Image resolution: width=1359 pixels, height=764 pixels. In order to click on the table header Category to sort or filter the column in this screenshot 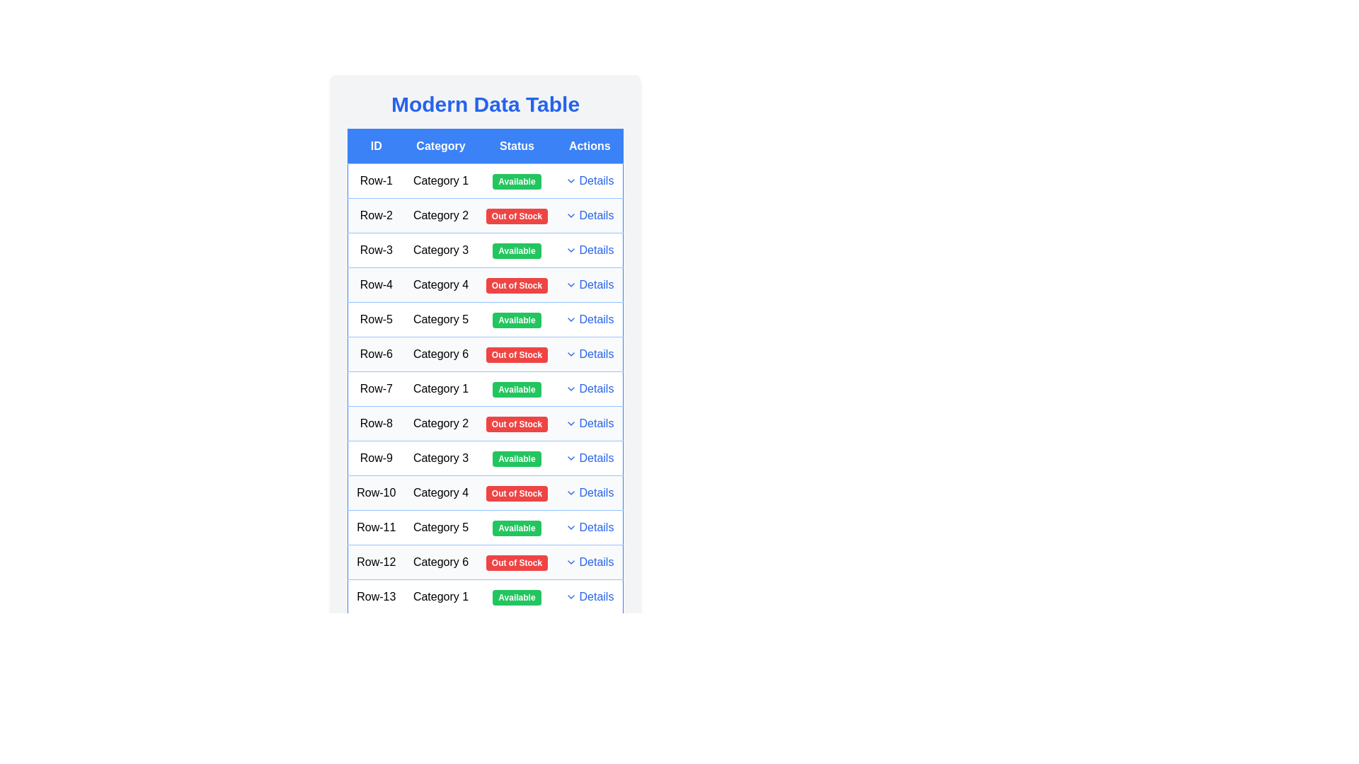, I will do `click(440, 146)`.